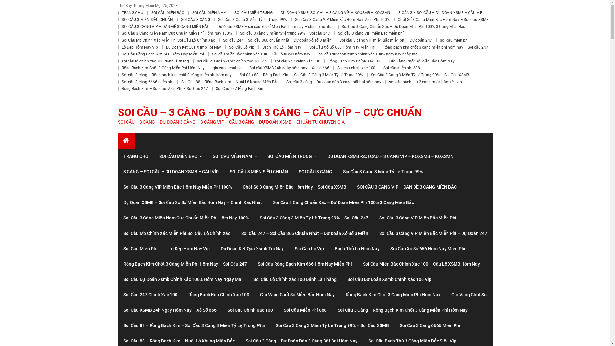  Describe the element at coordinates (227, 68) in the screenshot. I see `'gio vang chot so'` at that location.